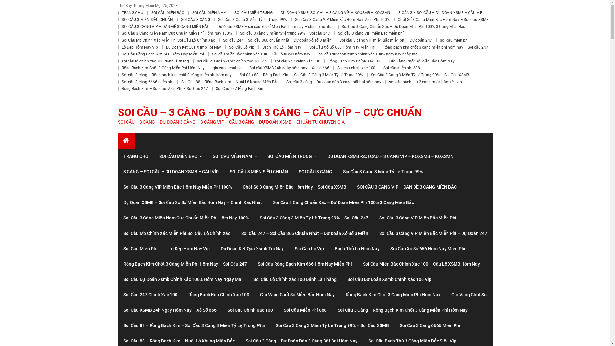  Describe the element at coordinates (227, 68) in the screenshot. I see `'gio vang chot so'` at that location.